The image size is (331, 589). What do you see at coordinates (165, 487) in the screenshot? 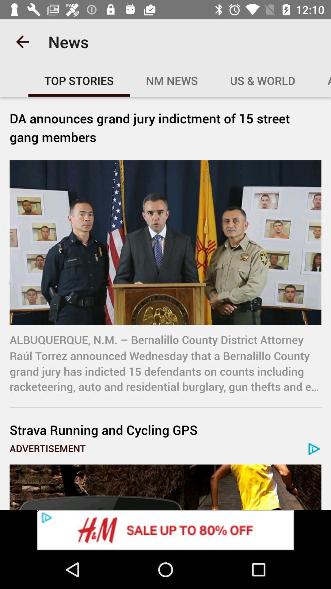
I see `the page related to the advertisement` at bounding box center [165, 487].